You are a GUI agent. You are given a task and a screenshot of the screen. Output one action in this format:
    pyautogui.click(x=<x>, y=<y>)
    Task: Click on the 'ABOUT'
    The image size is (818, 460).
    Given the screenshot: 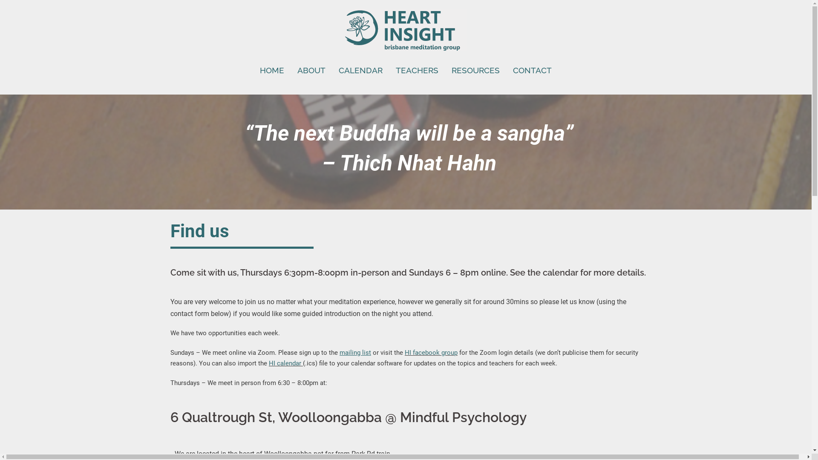 What is the action you would take?
    pyautogui.click(x=311, y=70)
    